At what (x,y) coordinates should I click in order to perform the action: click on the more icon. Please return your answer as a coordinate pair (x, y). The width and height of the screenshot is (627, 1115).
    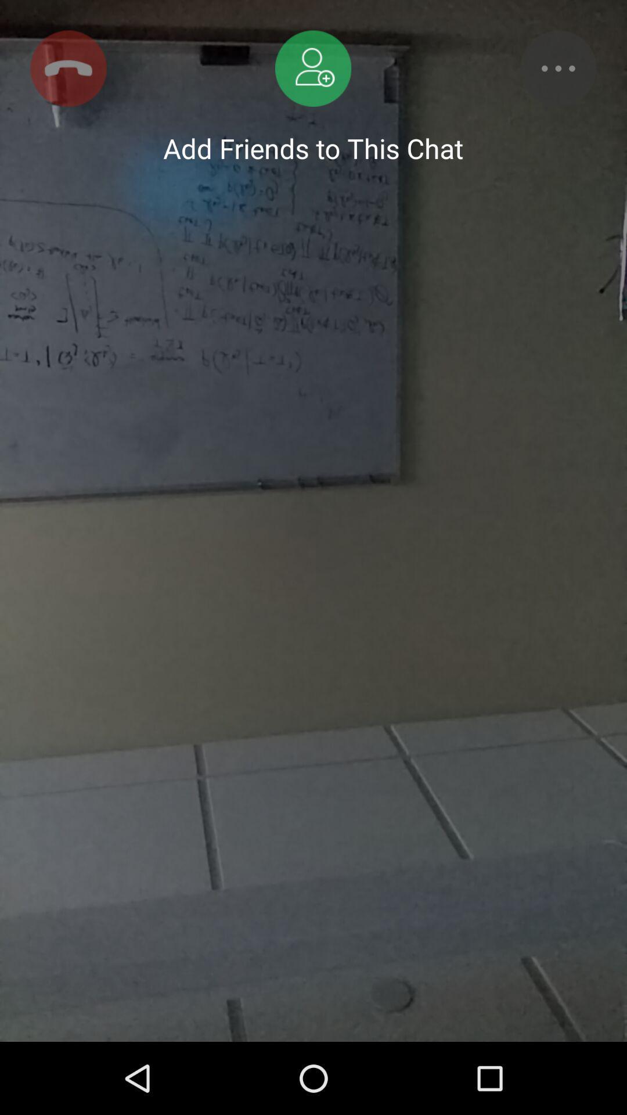
    Looking at the image, I should click on (557, 73).